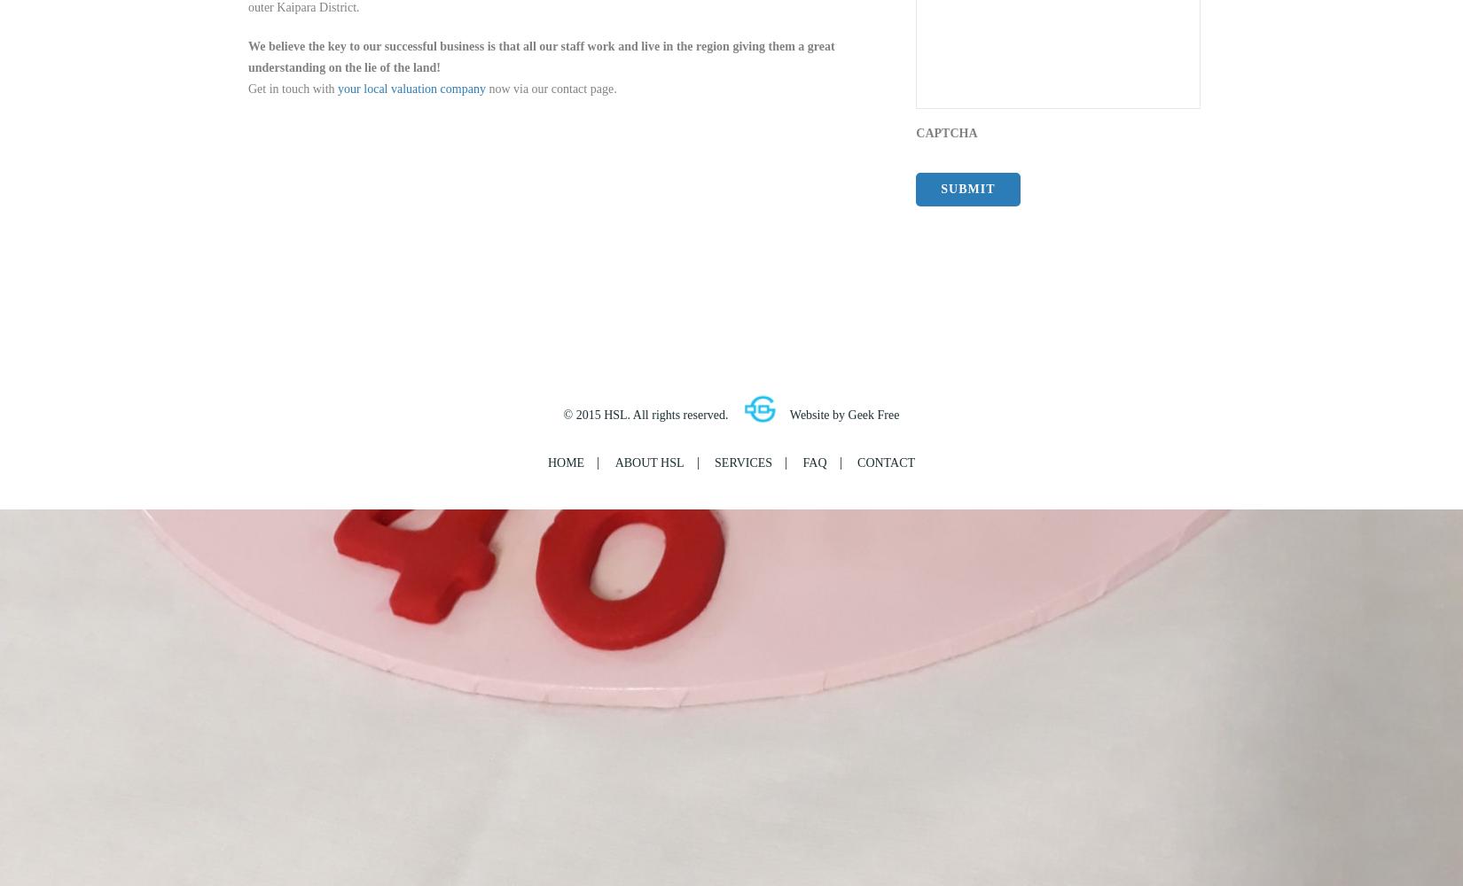 The width and height of the screenshot is (1463, 886). I want to click on 'Services', so click(743, 462).